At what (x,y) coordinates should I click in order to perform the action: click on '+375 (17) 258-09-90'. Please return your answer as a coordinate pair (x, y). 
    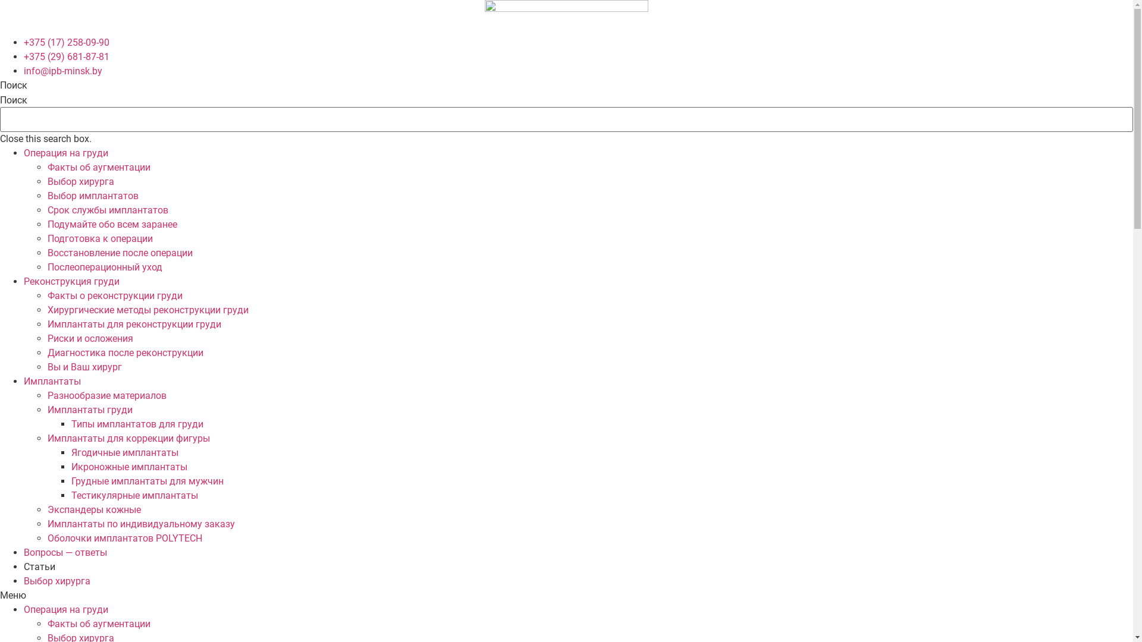
    Looking at the image, I should click on (65, 42).